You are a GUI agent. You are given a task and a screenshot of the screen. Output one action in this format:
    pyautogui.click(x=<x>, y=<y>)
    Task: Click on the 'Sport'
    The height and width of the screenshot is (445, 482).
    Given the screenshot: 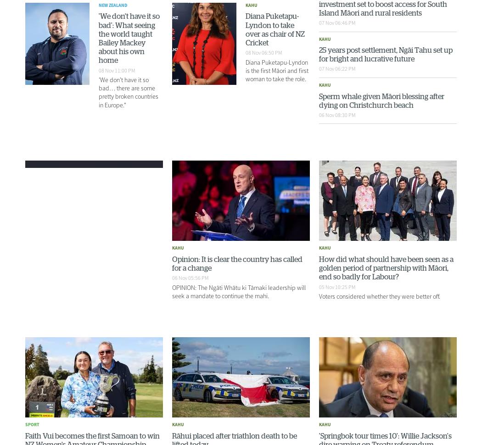 What is the action you would take?
    pyautogui.click(x=32, y=424)
    